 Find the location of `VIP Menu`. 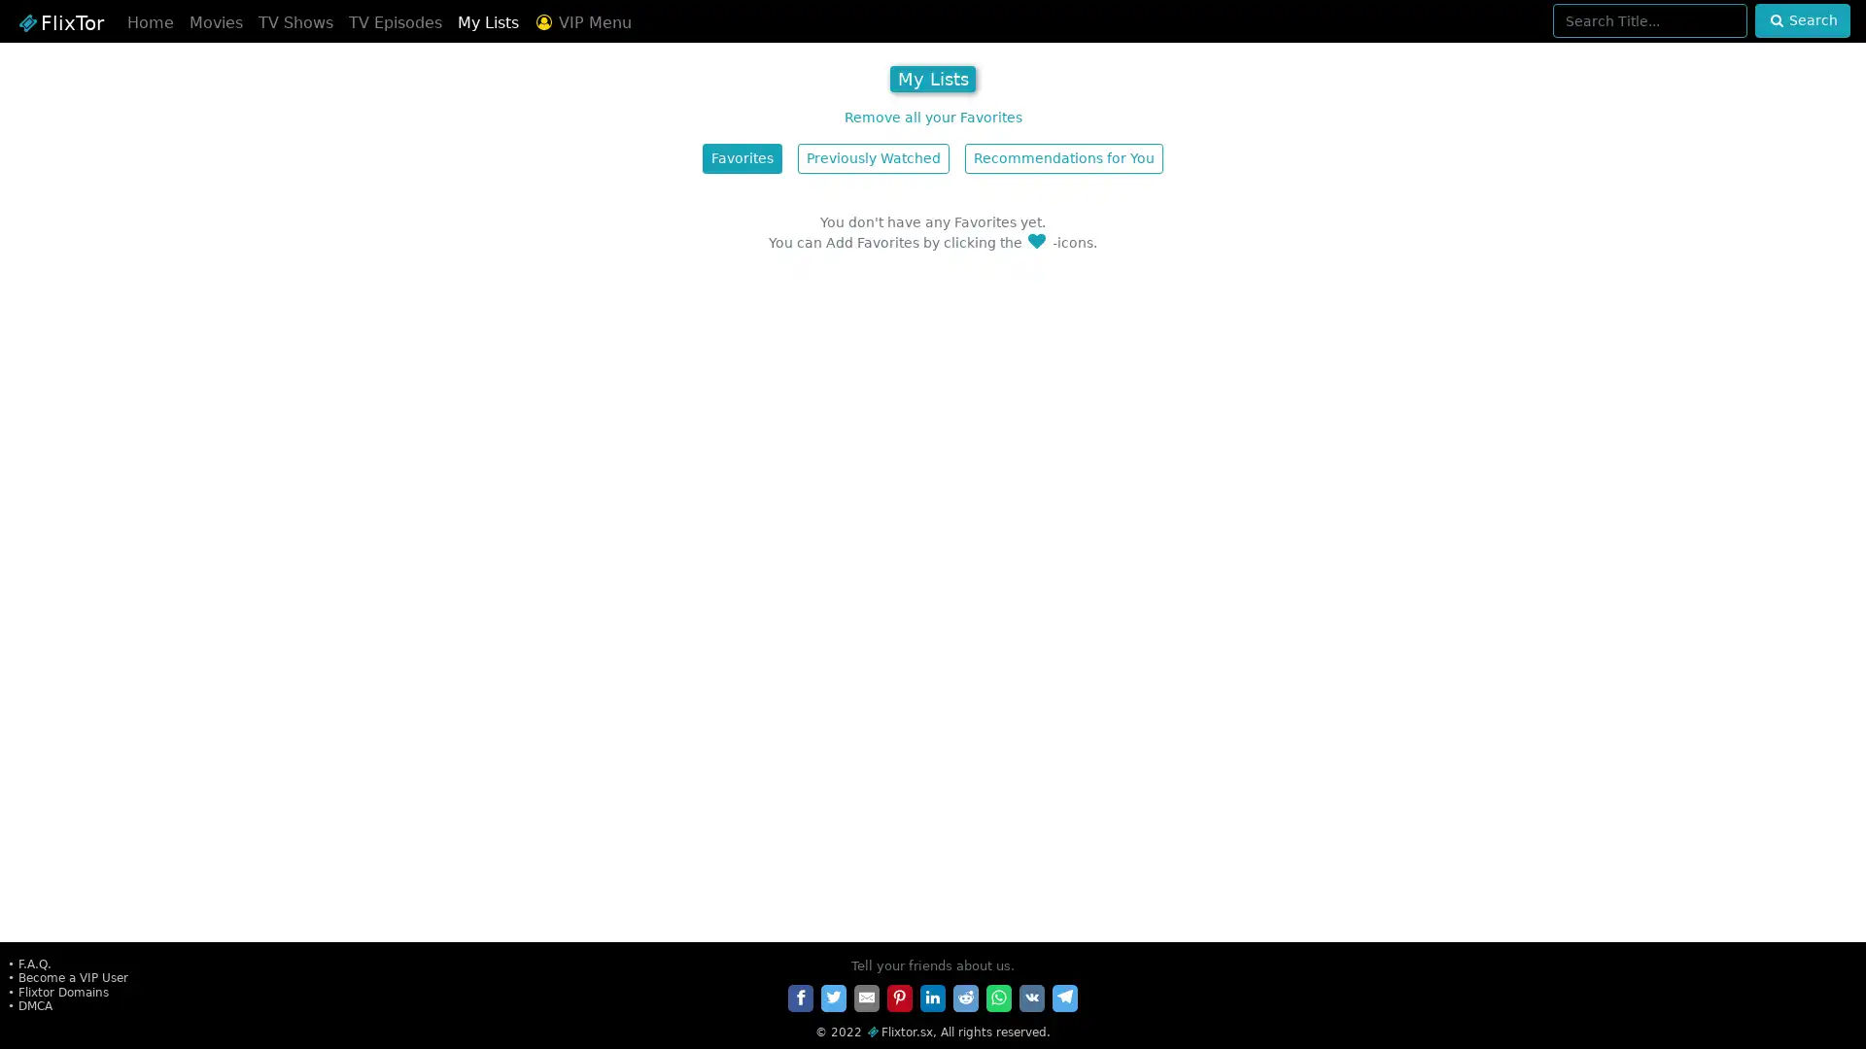

VIP Menu is located at coordinates (581, 22).